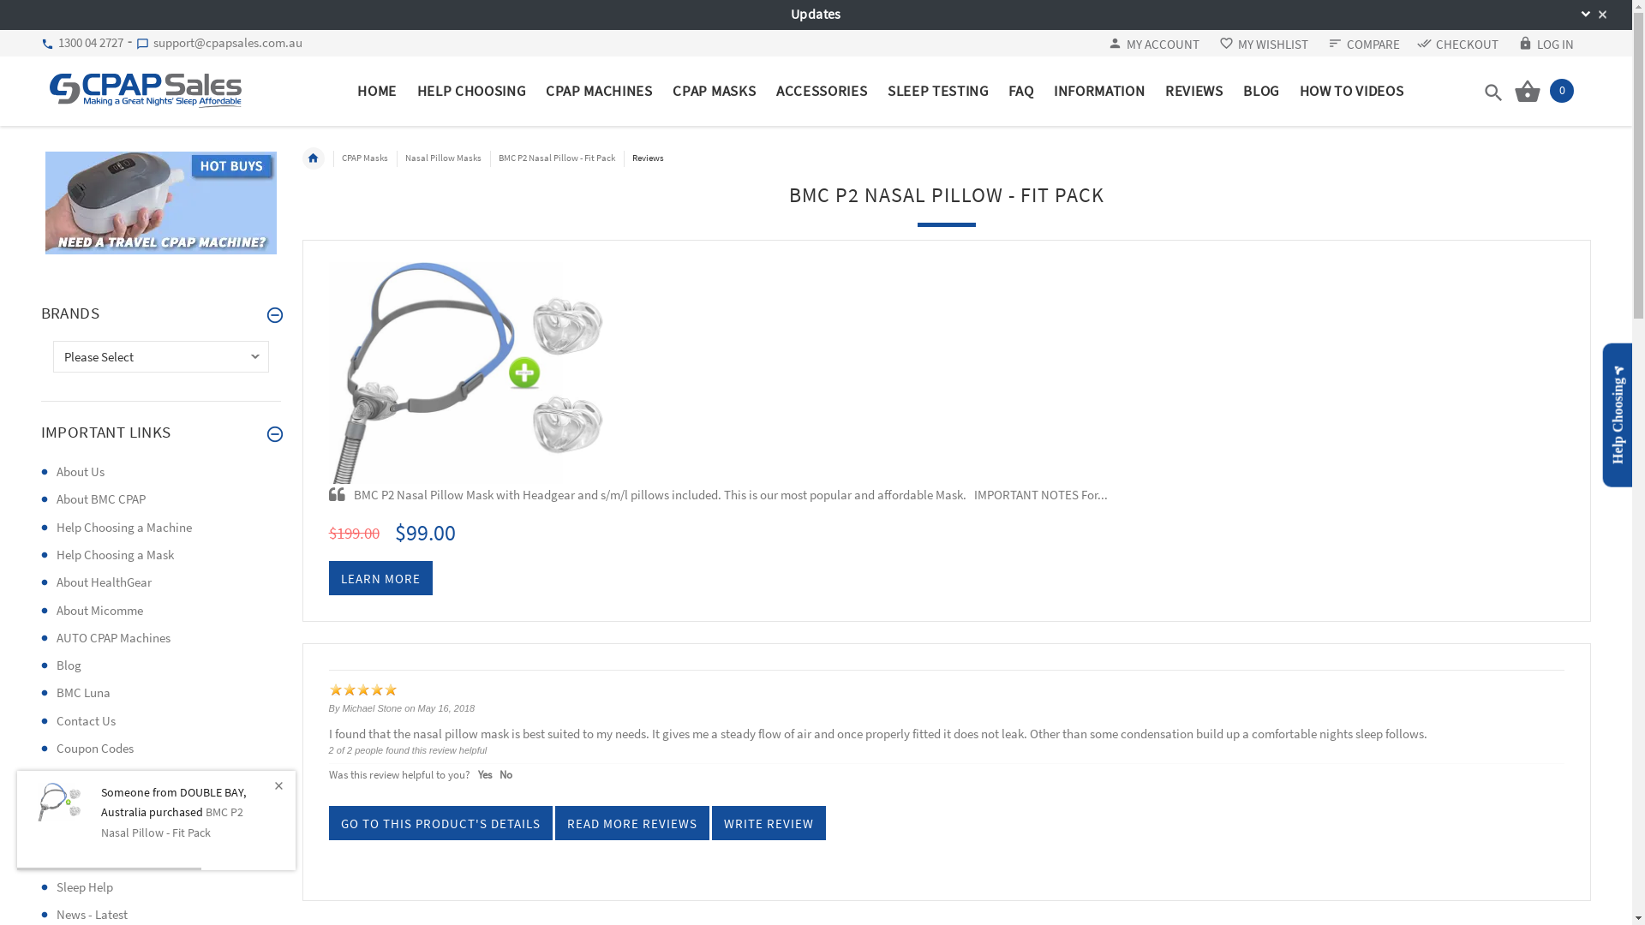 Image resolution: width=1645 pixels, height=925 pixels. What do you see at coordinates (381, 91) in the screenshot?
I see `'HOME'` at bounding box center [381, 91].